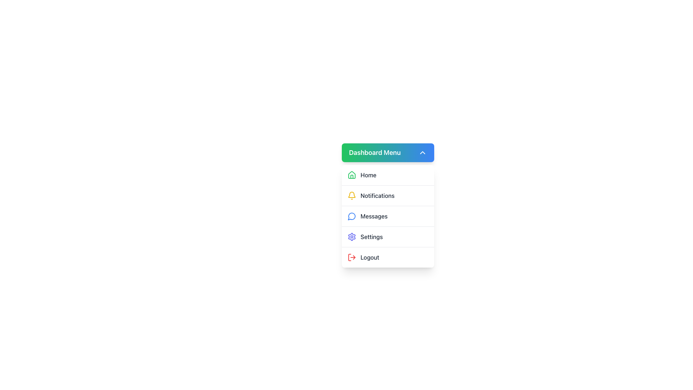 The width and height of the screenshot is (693, 390). What do you see at coordinates (369, 175) in the screenshot?
I see `the 'Home' label, which is the first item in the 'Dashboard Menu' and is styled with a medium-weight font in gray, located to the right of a house icon` at bounding box center [369, 175].